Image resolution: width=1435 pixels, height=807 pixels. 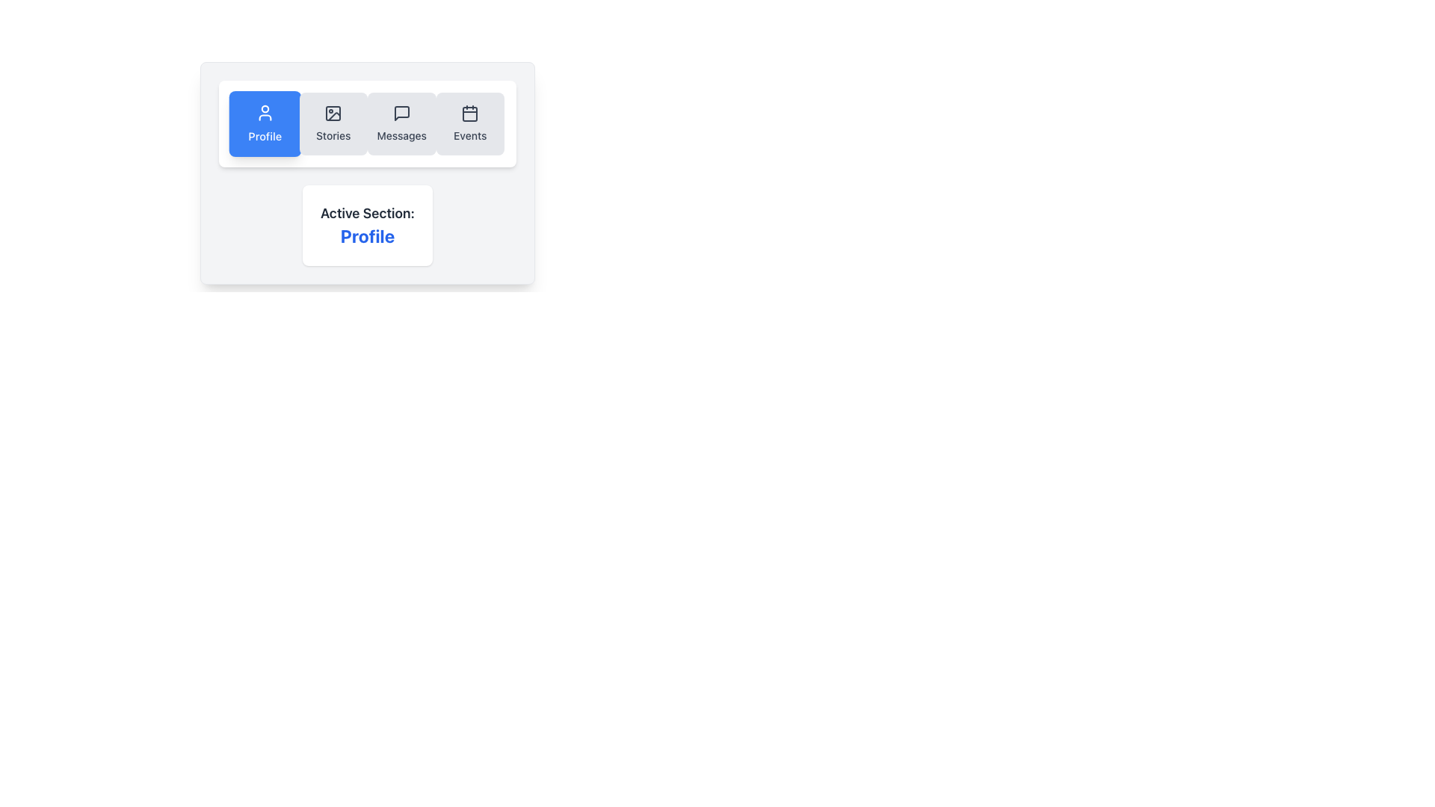 What do you see at coordinates (265, 112) in the screenshot?
I see `the 'Profile' SVG icon located in the top-left horizontal menu bar to focus on the profile section` at bounding box center [265, 112].